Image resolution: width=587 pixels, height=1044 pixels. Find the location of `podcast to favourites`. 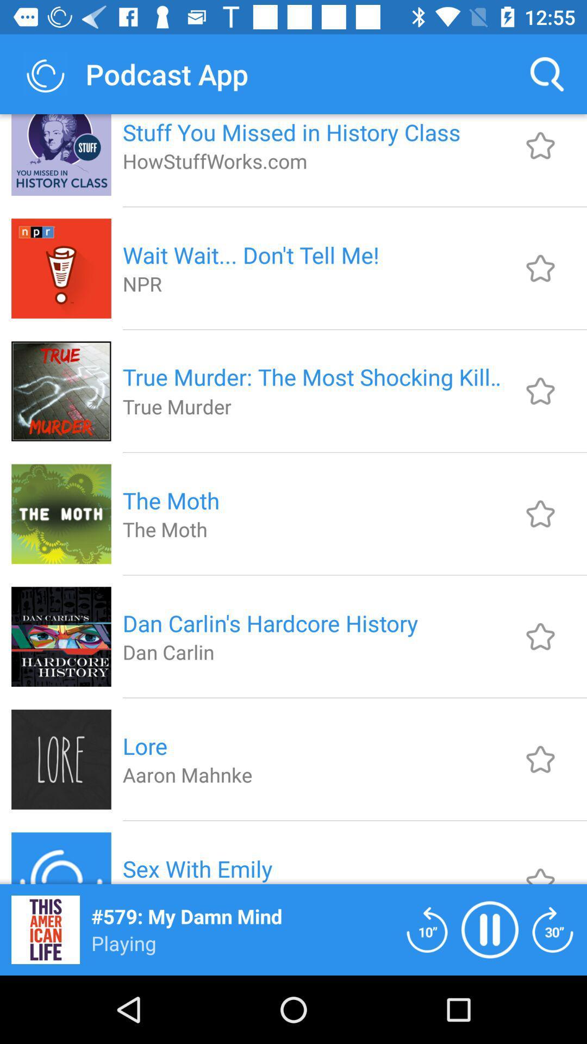

podcast to favourites is located at coordinates (540, 145).